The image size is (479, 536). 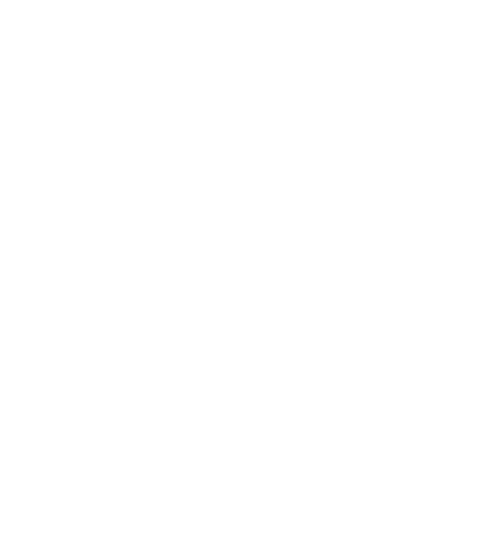 What do you see at coordinates (88, 496) in the screenshot?
I see `'More Insights'` at bounding box center [88, 496].